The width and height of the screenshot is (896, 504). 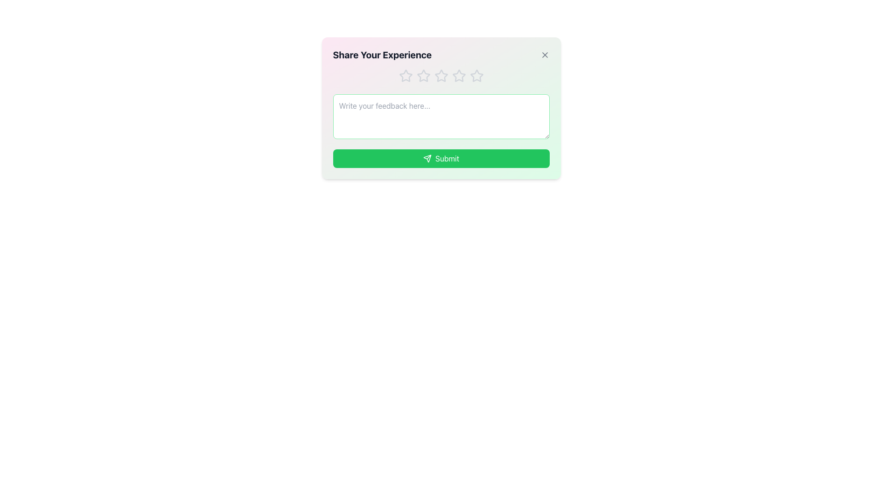 I want to click on the third star icon in the five-star rating system, so click(x=441, y=75).